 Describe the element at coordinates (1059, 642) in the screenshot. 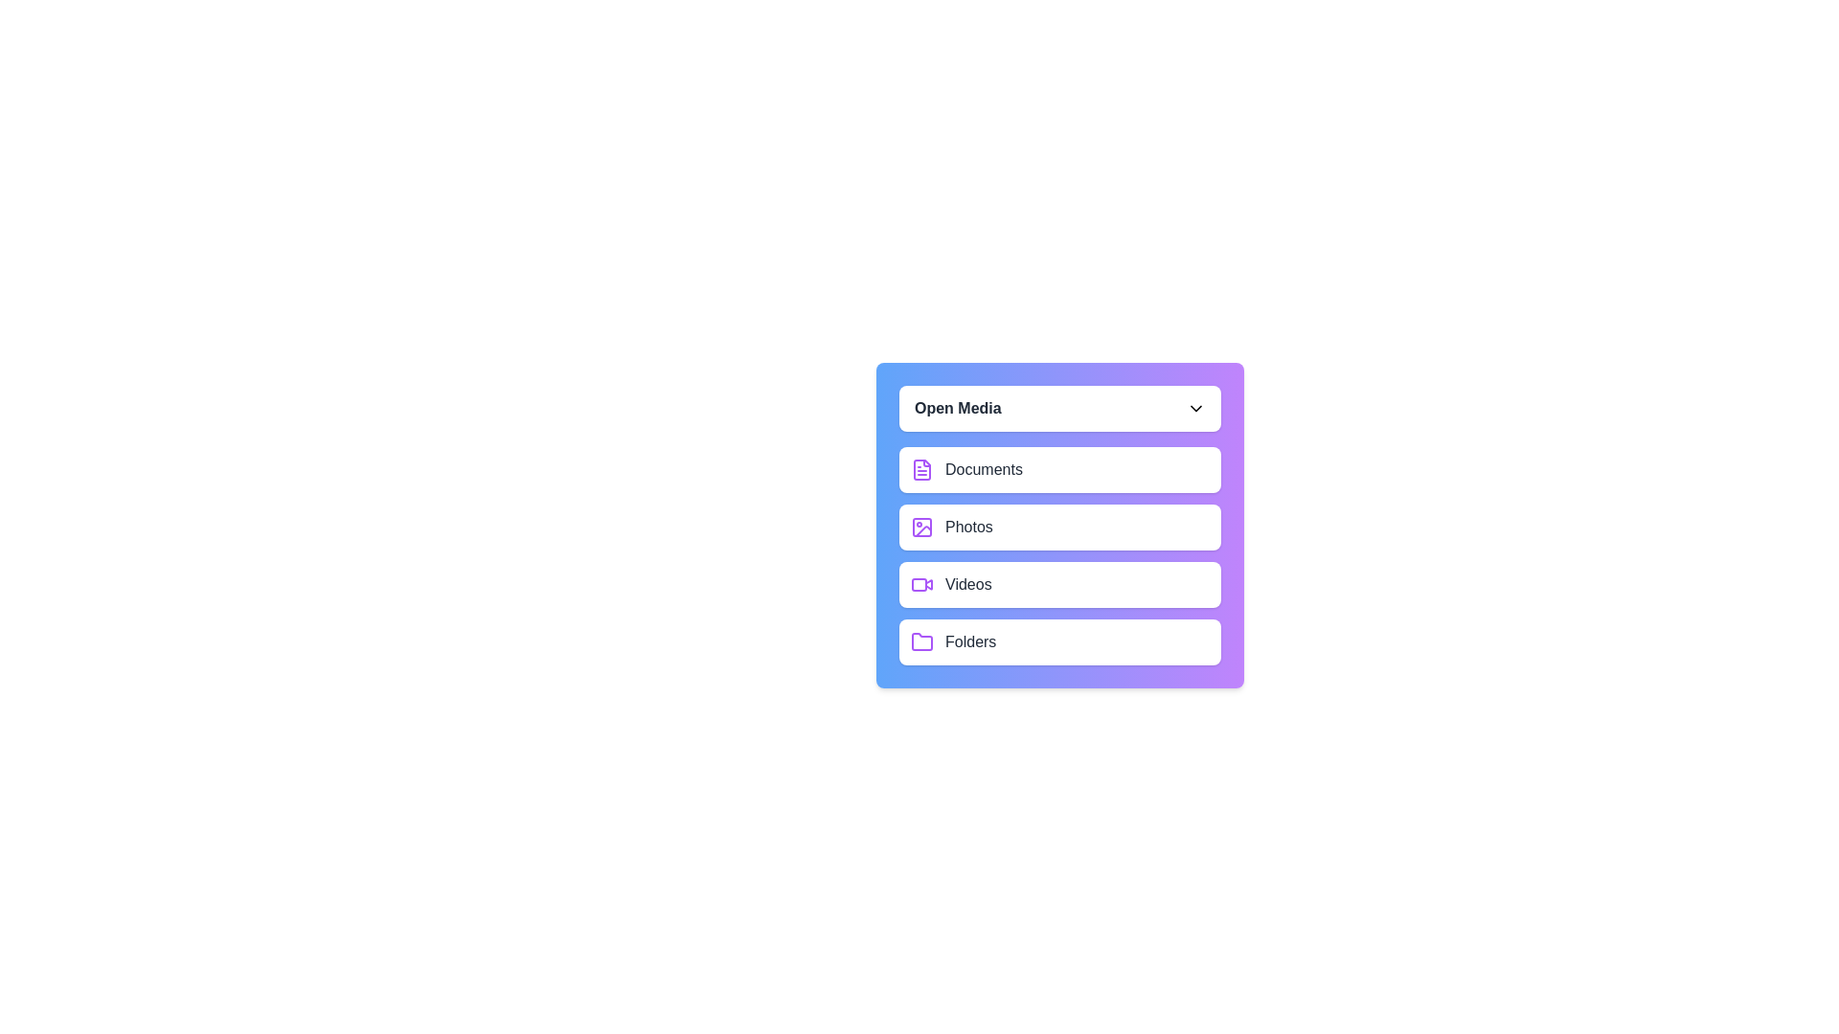

I see `the 'Folders' button, the fourth item in the vertically stacked list of interactive buttons` at that location.